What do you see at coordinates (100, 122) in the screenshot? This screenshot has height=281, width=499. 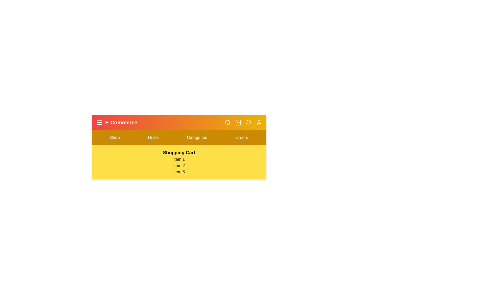 I see `menu button to toggle the navigation menu visibility` at bounding box center [100, 122].